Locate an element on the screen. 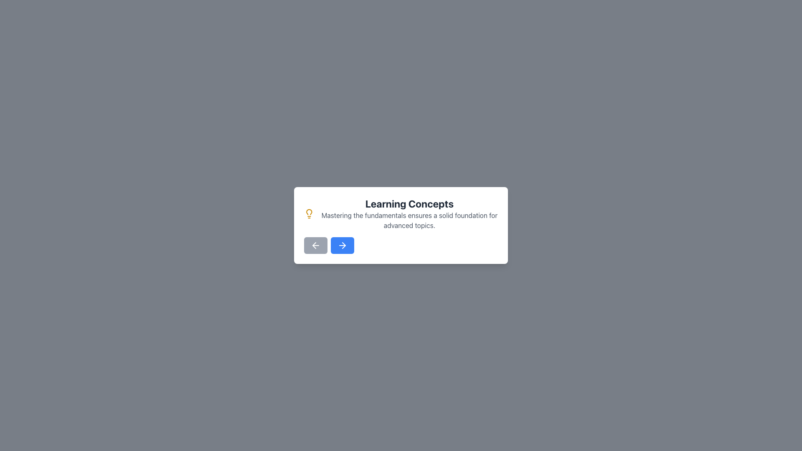 The height and width of the screenshot is (451, 802). the left navigation button located at the bottom of the 'Learning Concepts' card to attempt navigation, despite it being disabled is located at coordinates (315, 245).